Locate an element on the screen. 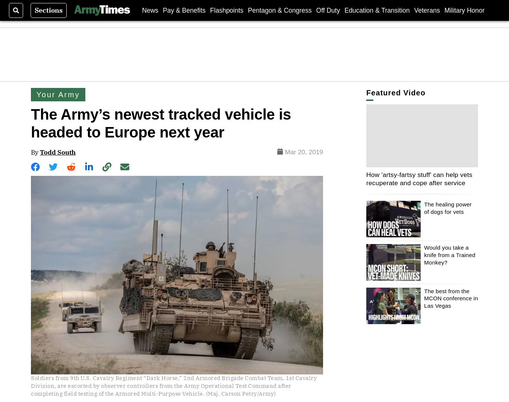 This screenshot has height=402, width=509. 'Veterans' is located at coordinates (427, 10).